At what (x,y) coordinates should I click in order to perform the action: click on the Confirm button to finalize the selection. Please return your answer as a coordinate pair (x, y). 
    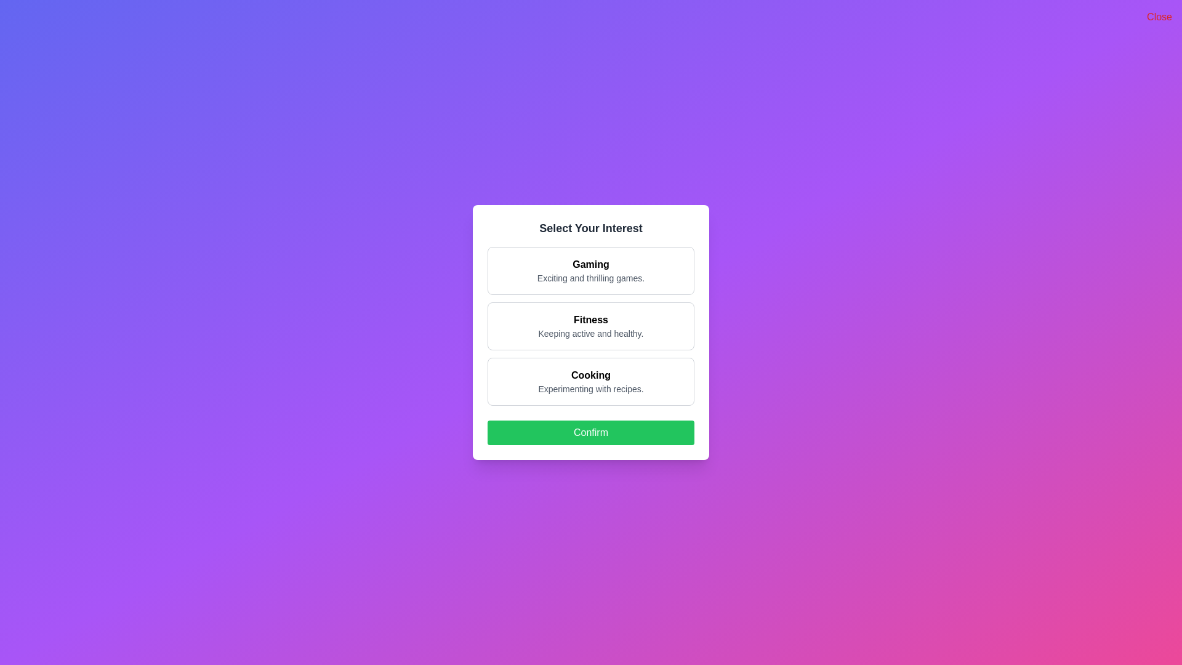
    Looking at the image, I should click on (591, 432).